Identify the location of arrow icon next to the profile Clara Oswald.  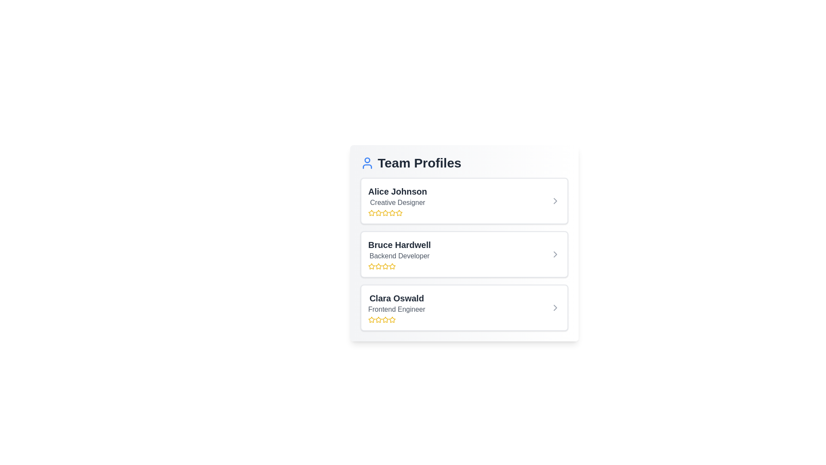
(555, 307).